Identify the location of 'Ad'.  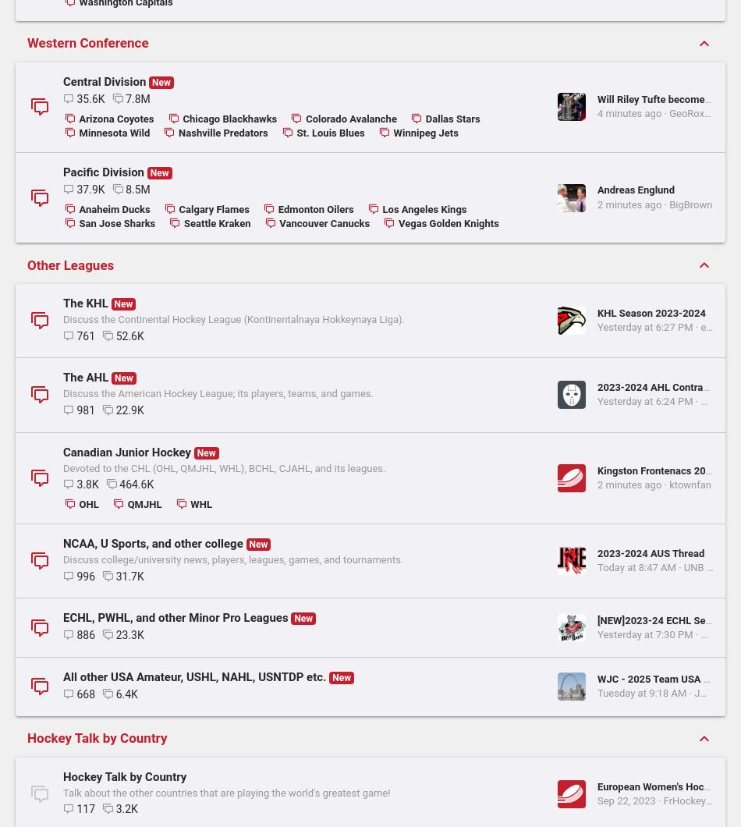
(511, 424).